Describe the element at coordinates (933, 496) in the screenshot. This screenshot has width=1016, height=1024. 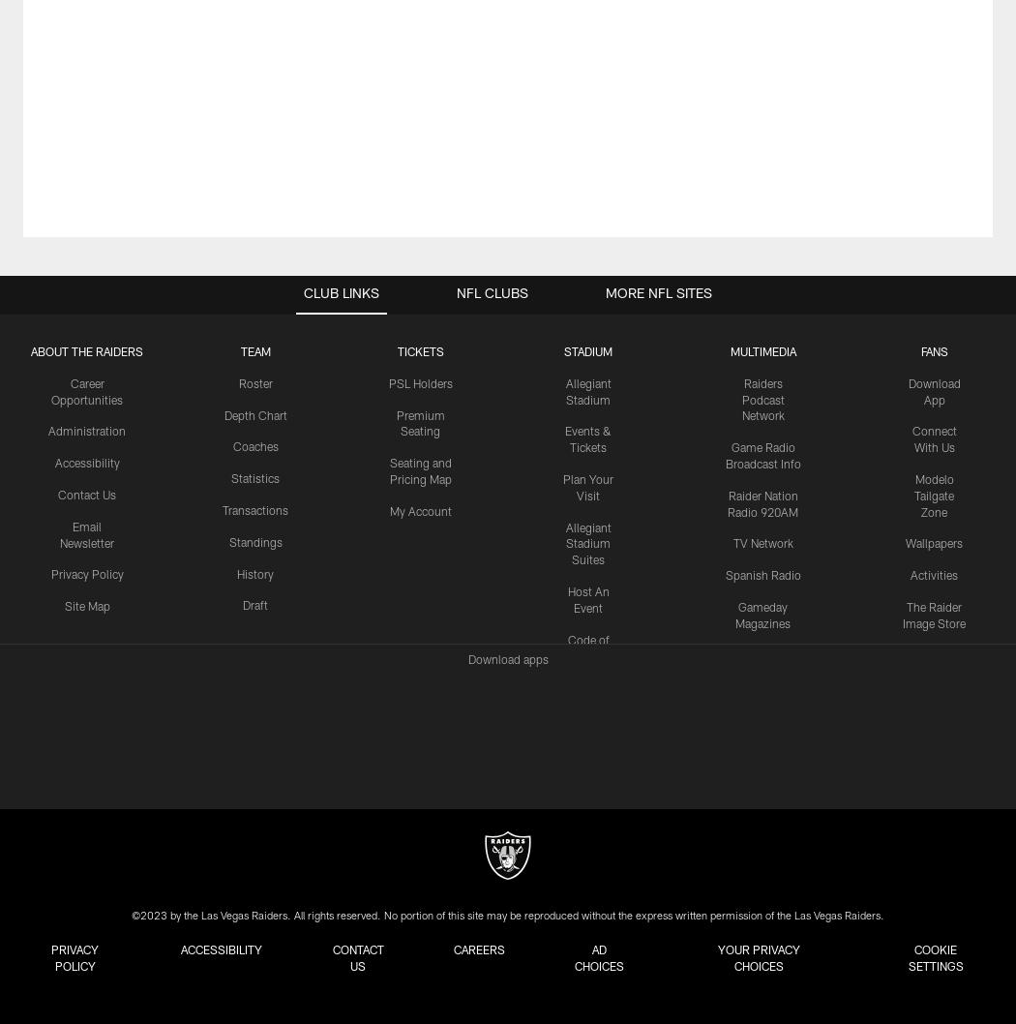
I see `'Modelo Tailgate Zone'` at that location.